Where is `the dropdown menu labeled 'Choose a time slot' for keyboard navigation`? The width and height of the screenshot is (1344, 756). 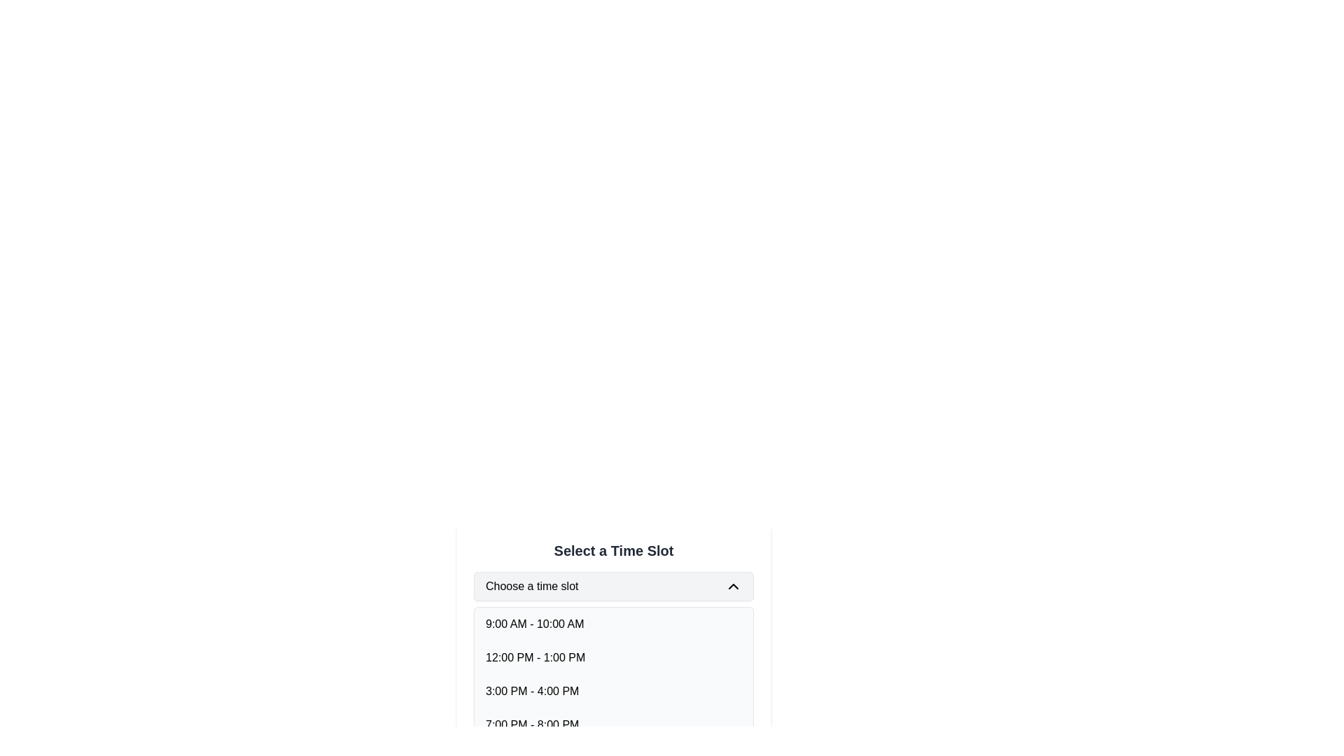
the dropdown menu labeled 'Choose a time slot' for keyboard navigation is located at coordinates (614, 586).